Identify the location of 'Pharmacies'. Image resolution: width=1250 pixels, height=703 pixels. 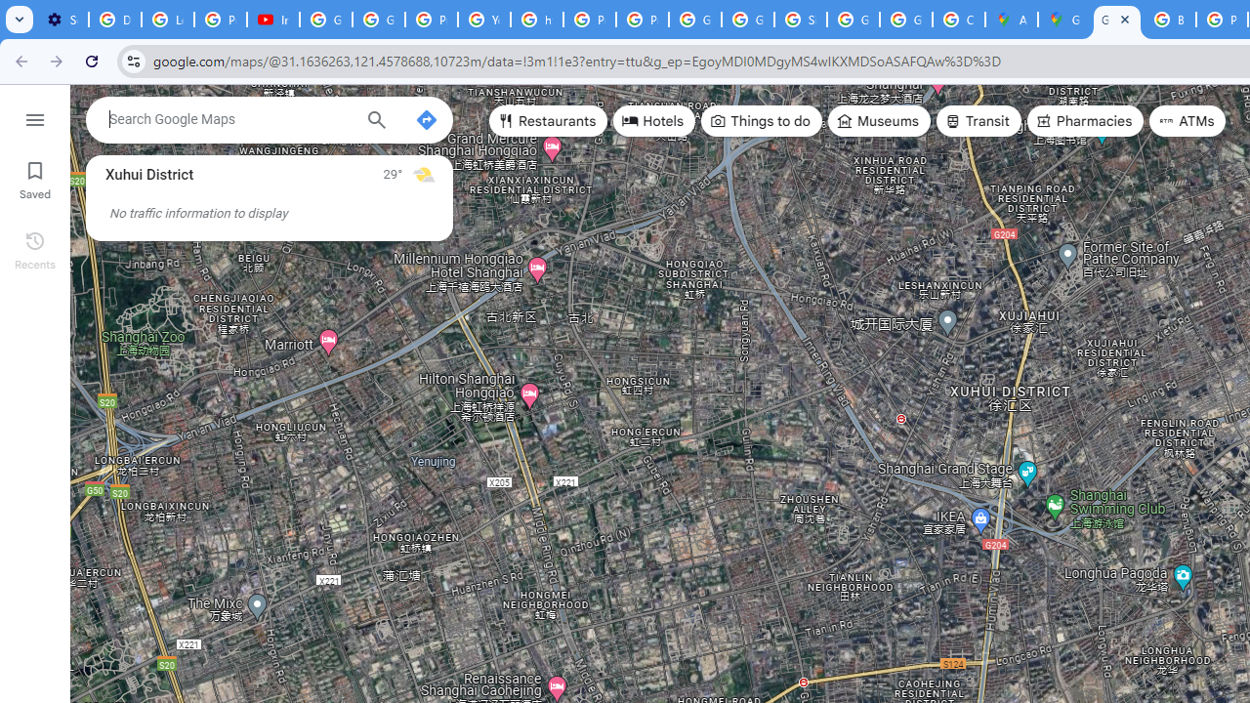
(1084, 121).